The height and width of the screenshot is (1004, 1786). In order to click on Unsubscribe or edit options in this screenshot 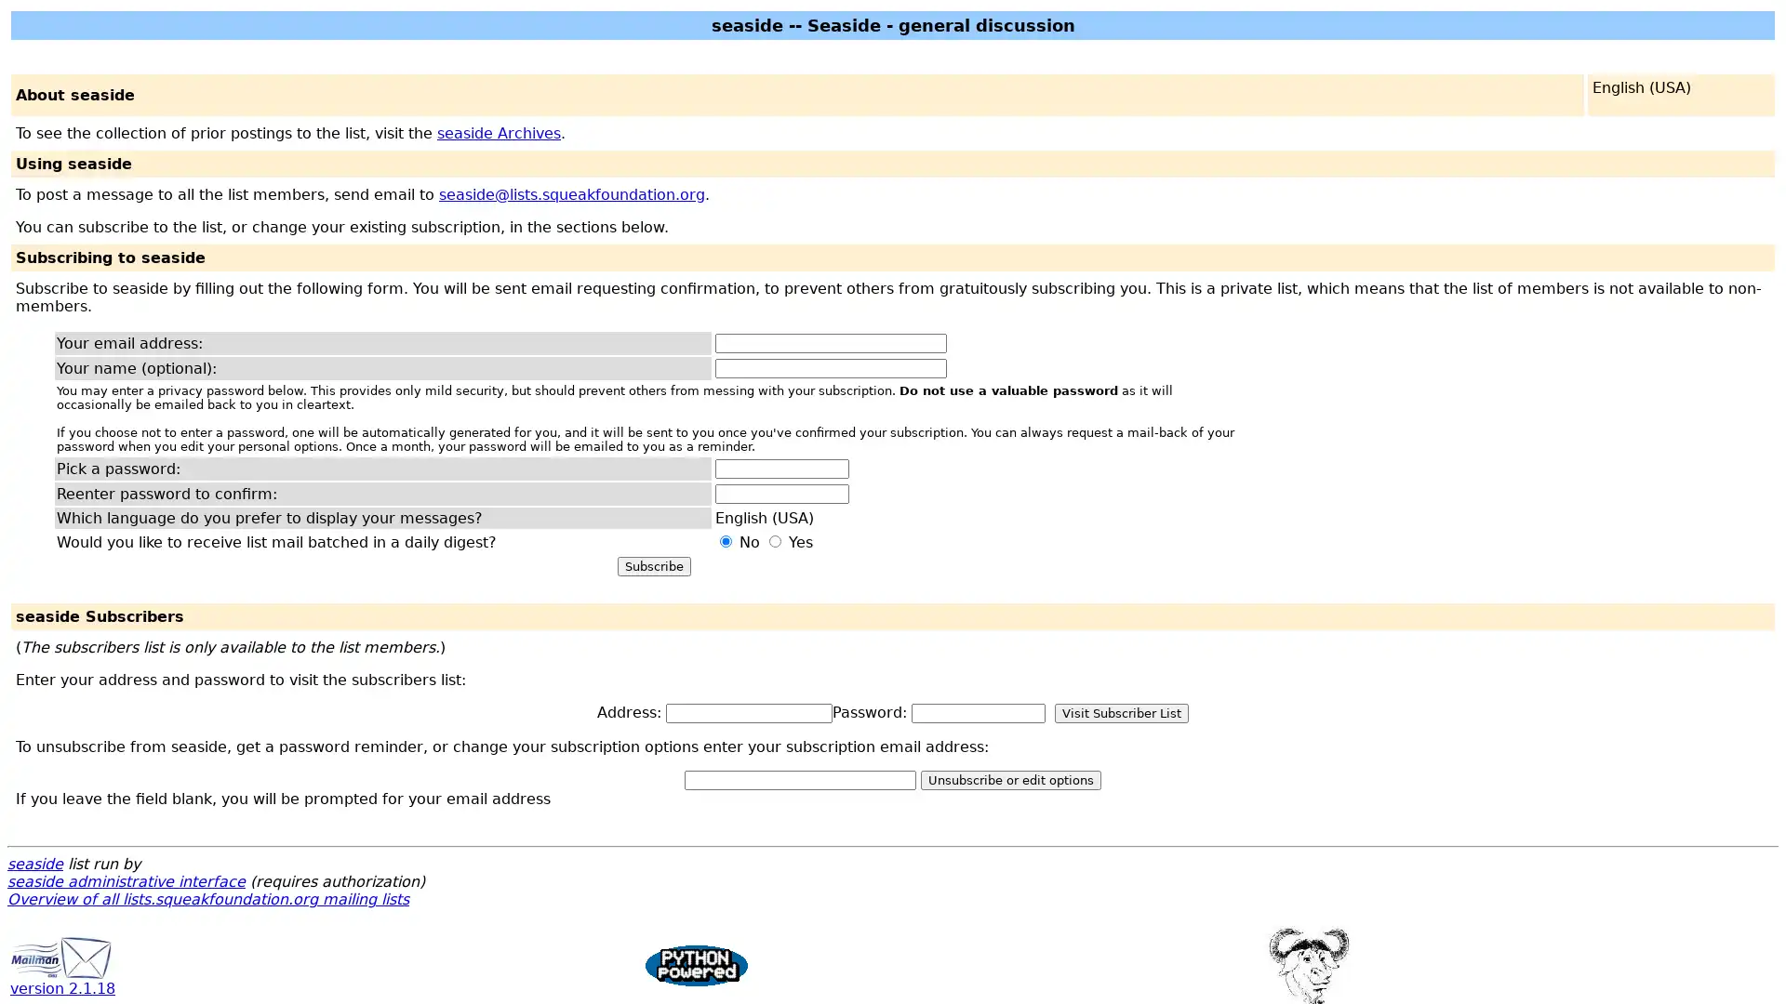, I will do `click(1009, 780)`.